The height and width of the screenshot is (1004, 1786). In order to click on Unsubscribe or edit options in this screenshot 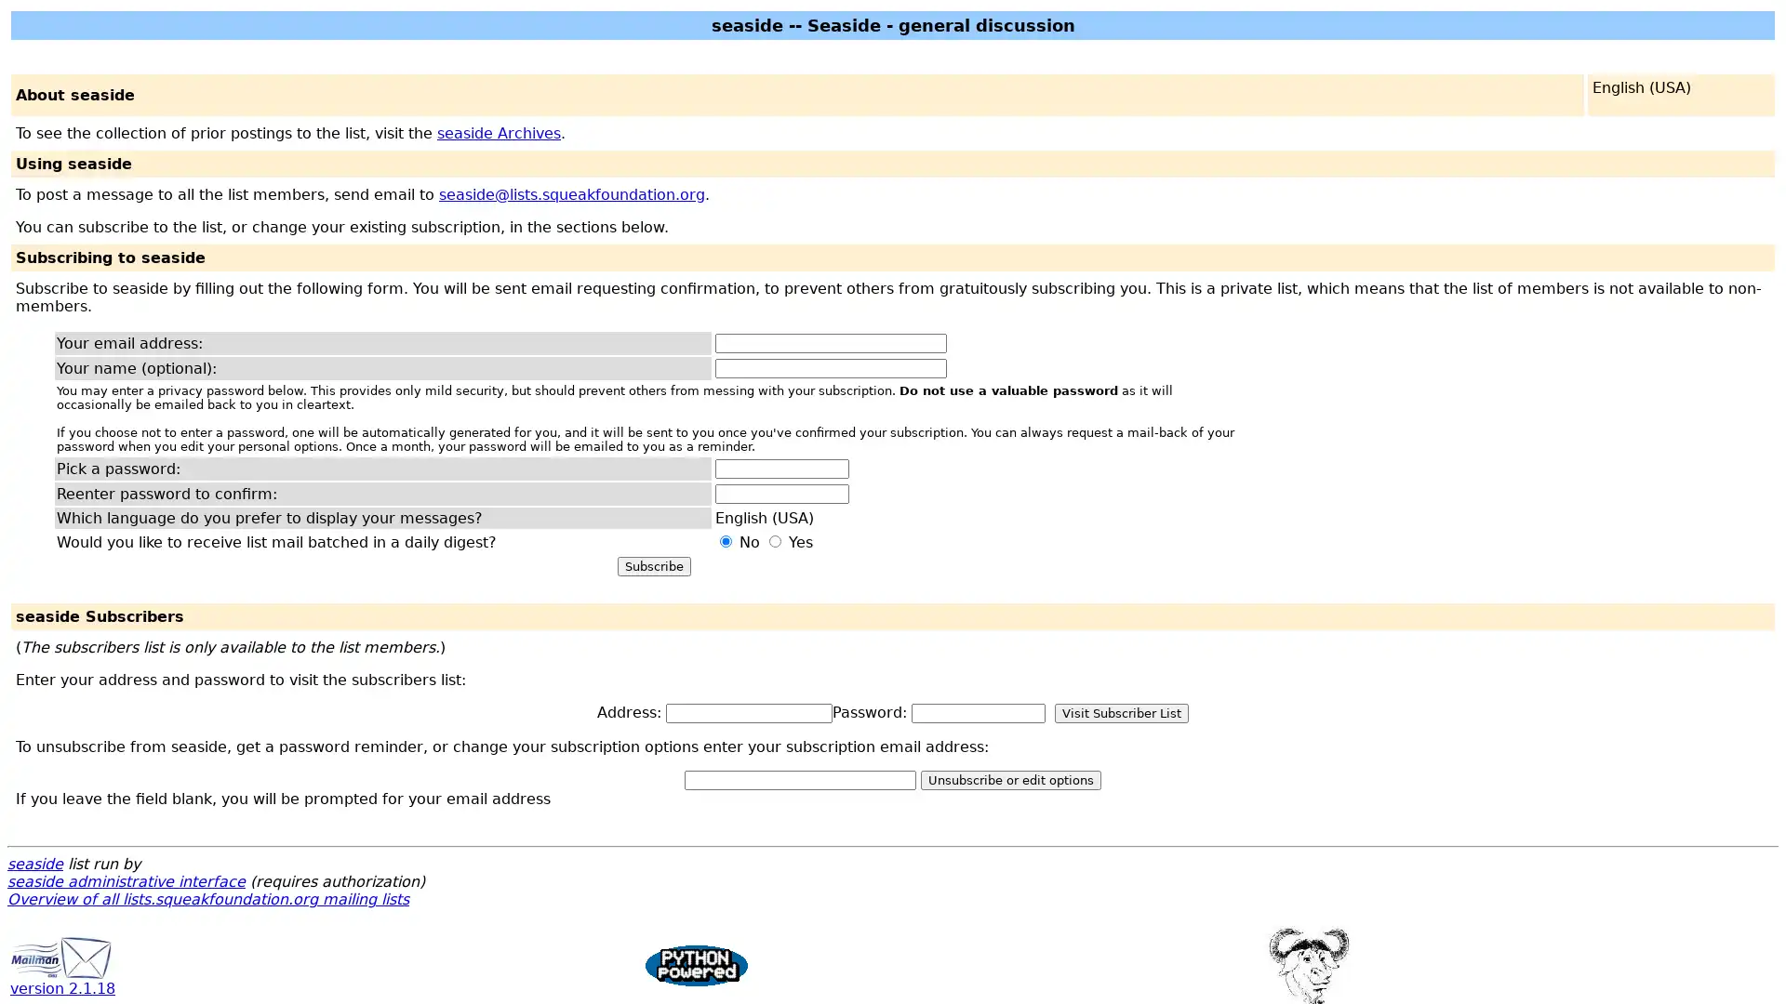, I will do `click(1009, 780)`.